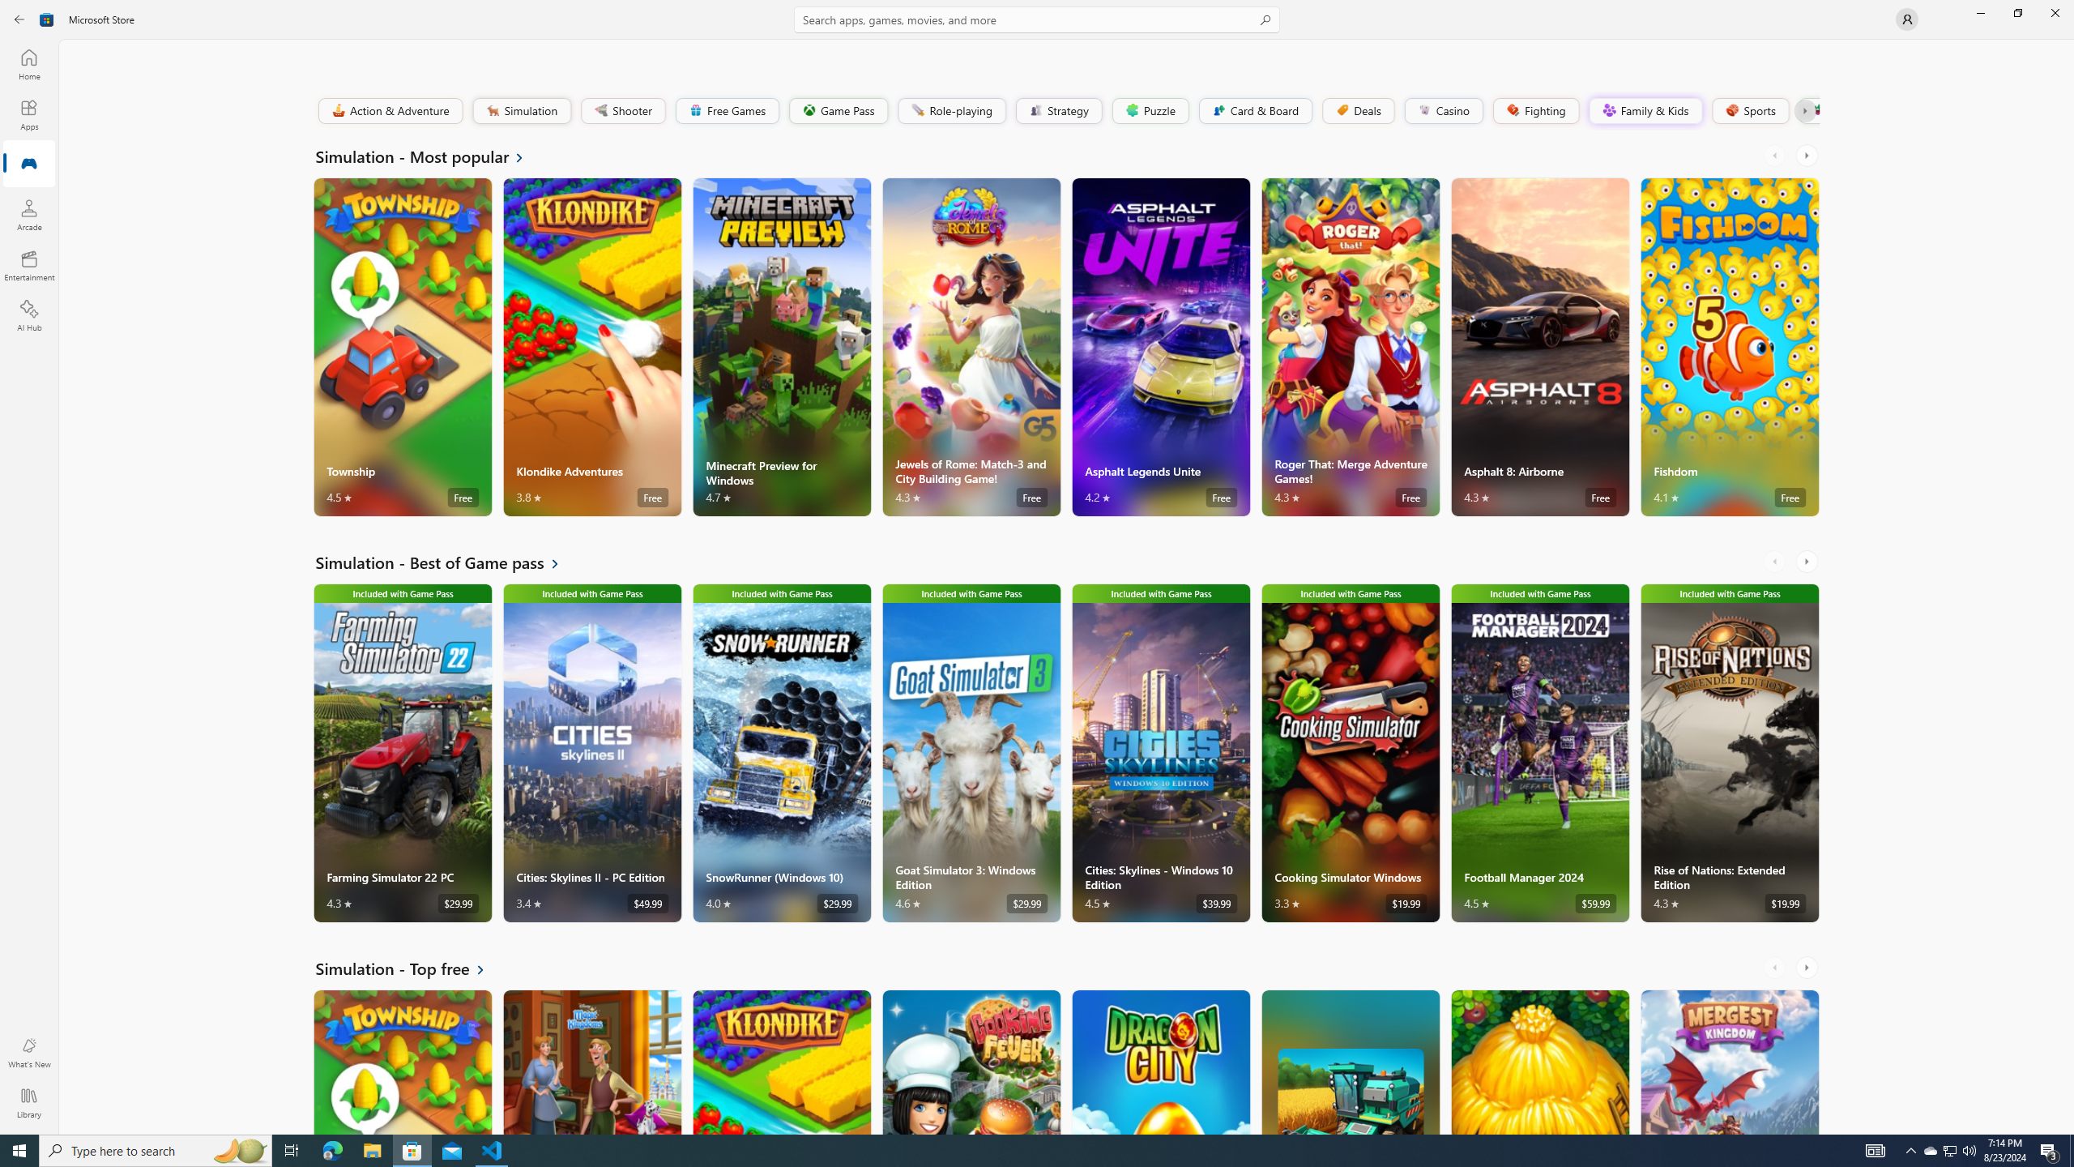 Image resolution: width=2074 pixels, height=1167 pixels. I want to click on 'Gaming', so click(28, 164).